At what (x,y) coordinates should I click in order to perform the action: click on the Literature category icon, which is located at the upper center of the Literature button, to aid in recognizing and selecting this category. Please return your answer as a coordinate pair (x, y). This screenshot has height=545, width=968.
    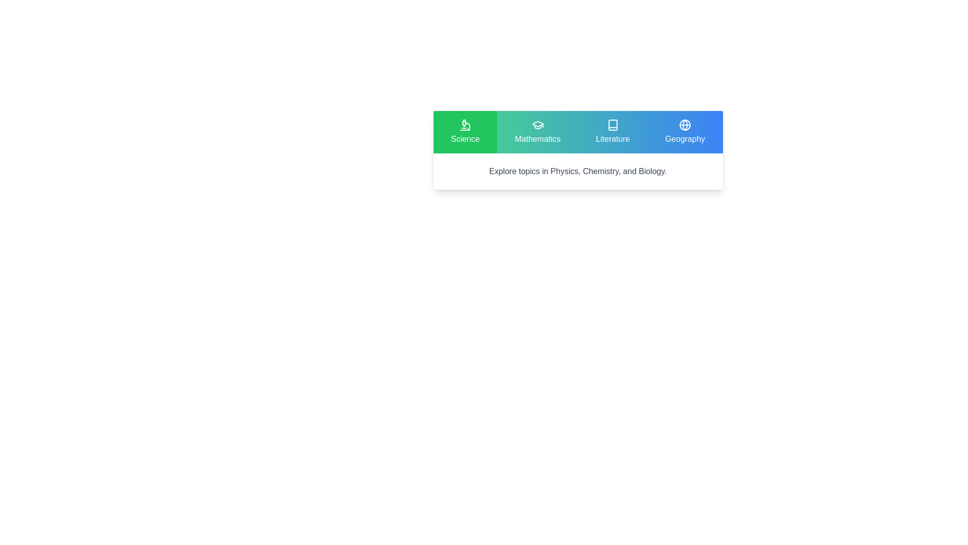
    Looking at the image, I should click on (612, 124).